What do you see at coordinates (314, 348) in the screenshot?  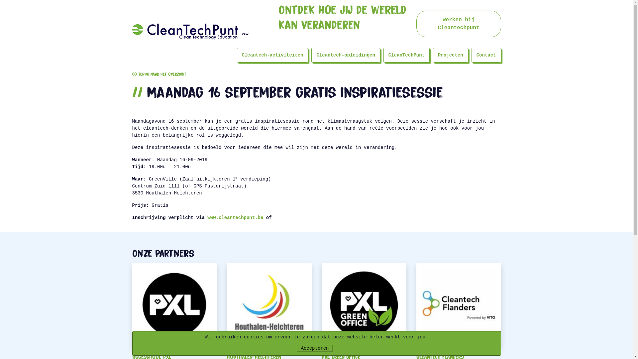 I see `'Accepteren'` at bounding box center [314, 348].